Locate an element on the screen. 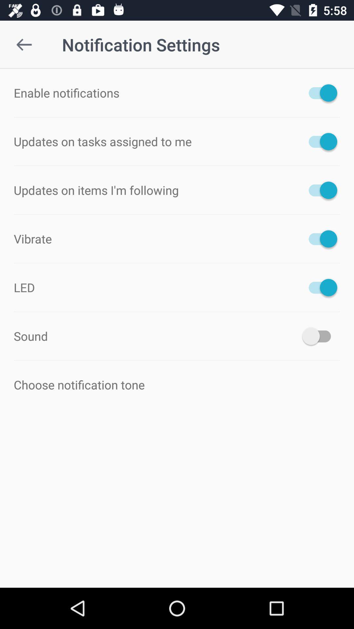 This screenshot has width=354, height=629. the item to the left of the notification settings icon is located at coordinates (24, 44).